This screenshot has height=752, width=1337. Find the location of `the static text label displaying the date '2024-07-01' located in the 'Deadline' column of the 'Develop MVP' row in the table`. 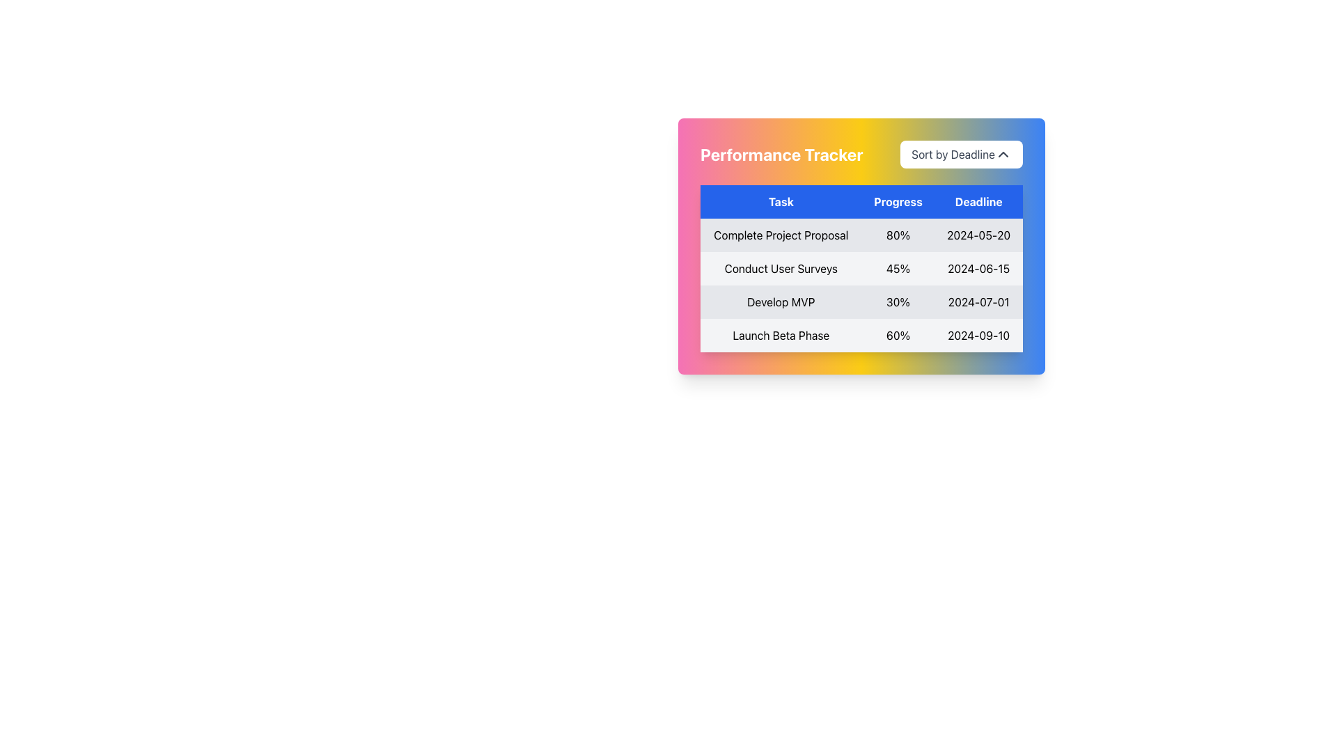

the static text label displaying the date '2024-07-01' located in the 'Deadline' column of the 'Develop MVP' row in the table is located at coordinates (978, 301).